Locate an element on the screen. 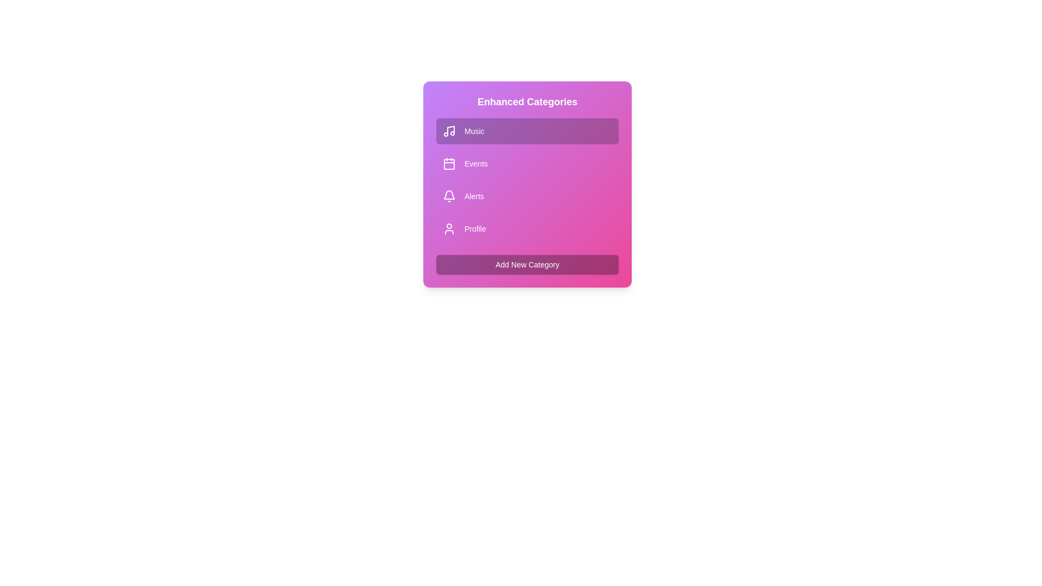 The height and width of the screenshot is (586, 1042). the category Events to select it is located at coordinates (527, 163).